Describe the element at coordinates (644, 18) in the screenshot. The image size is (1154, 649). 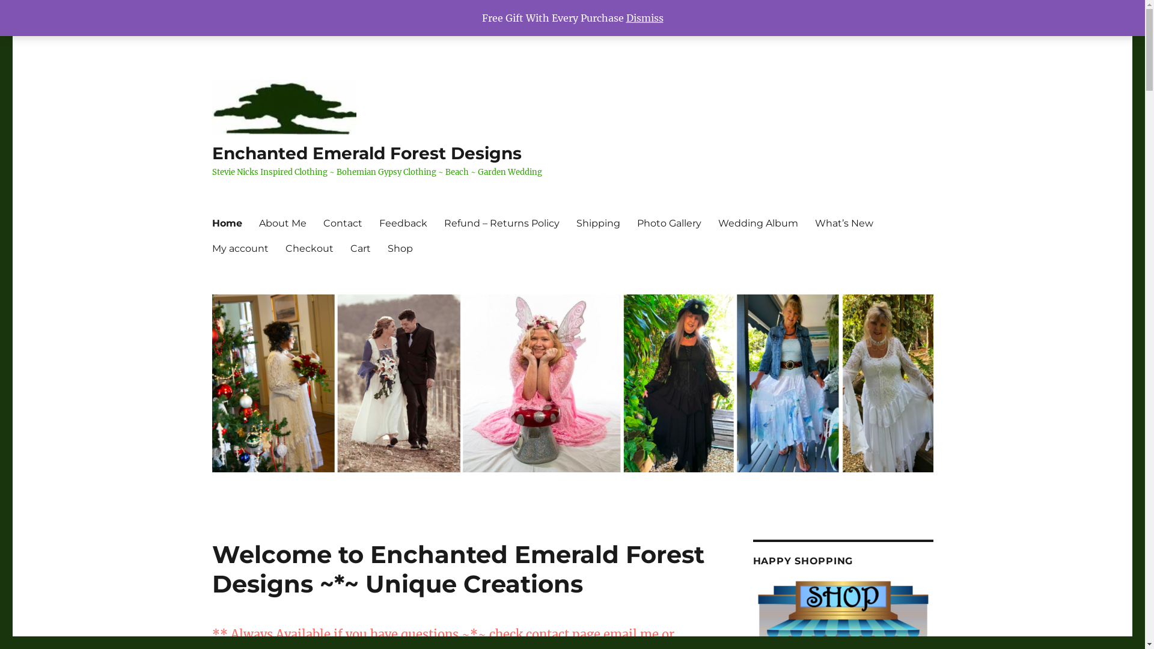
I see `'Dismiss'` at that location.